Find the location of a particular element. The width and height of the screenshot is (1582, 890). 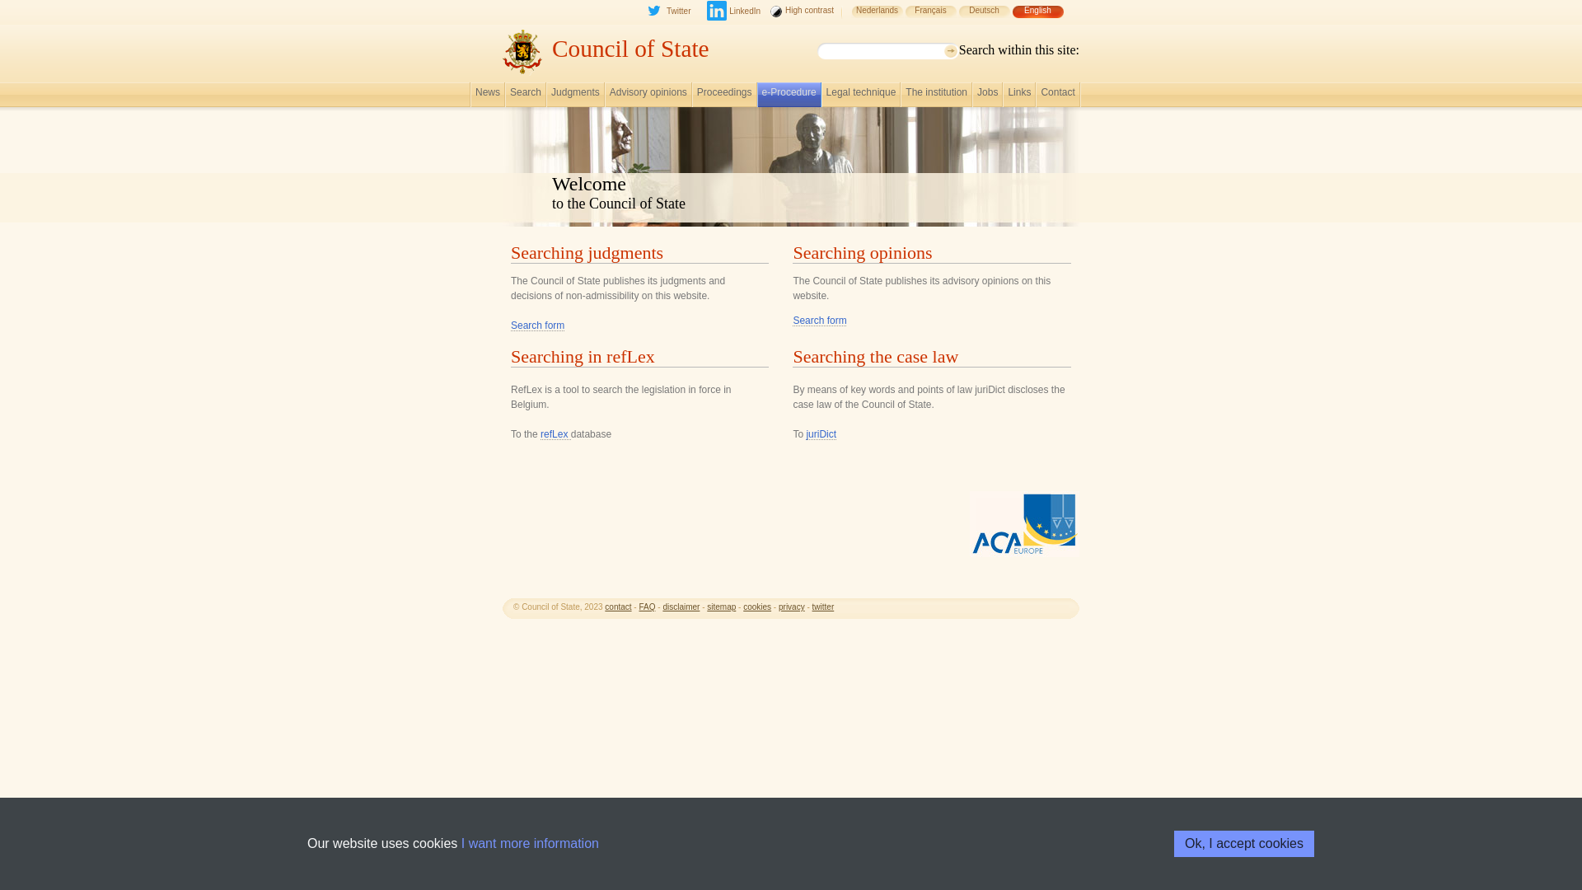

'refLex' is located at coordinates (555, 433).